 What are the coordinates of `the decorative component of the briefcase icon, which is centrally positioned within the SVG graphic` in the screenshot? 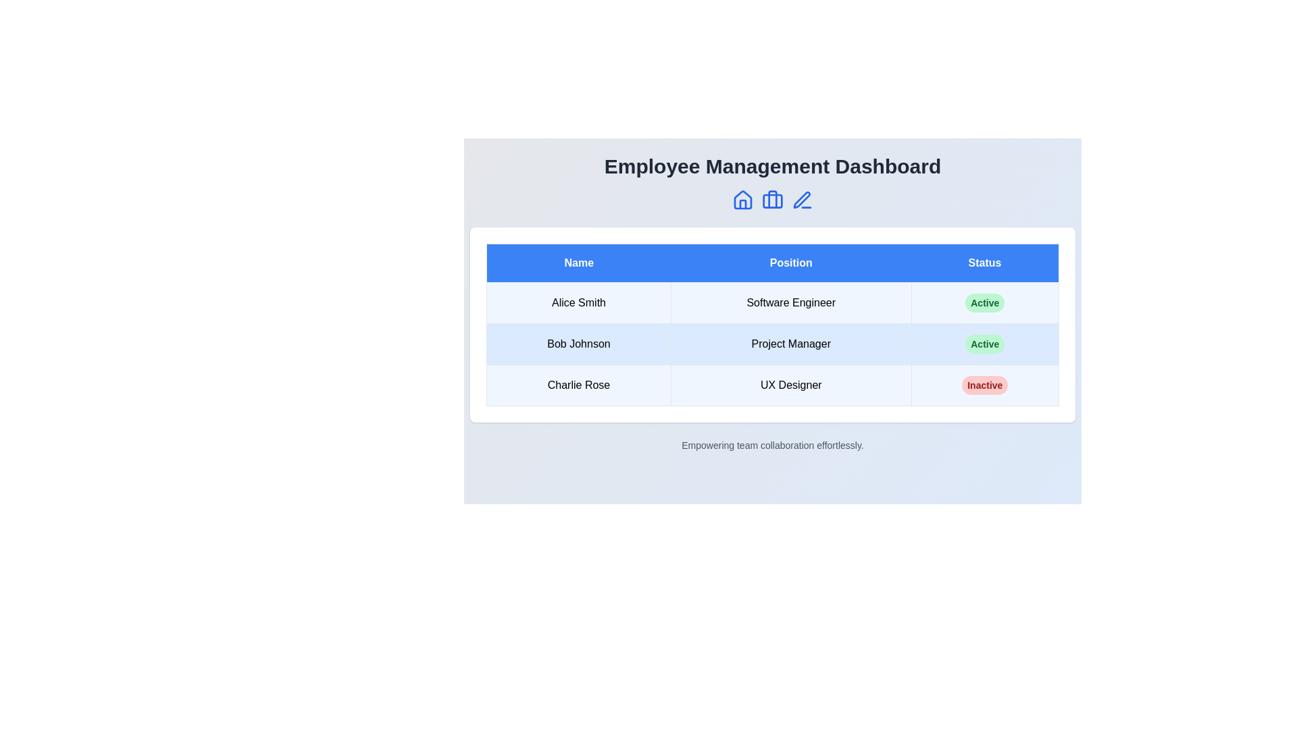 It's located at (772, 200).